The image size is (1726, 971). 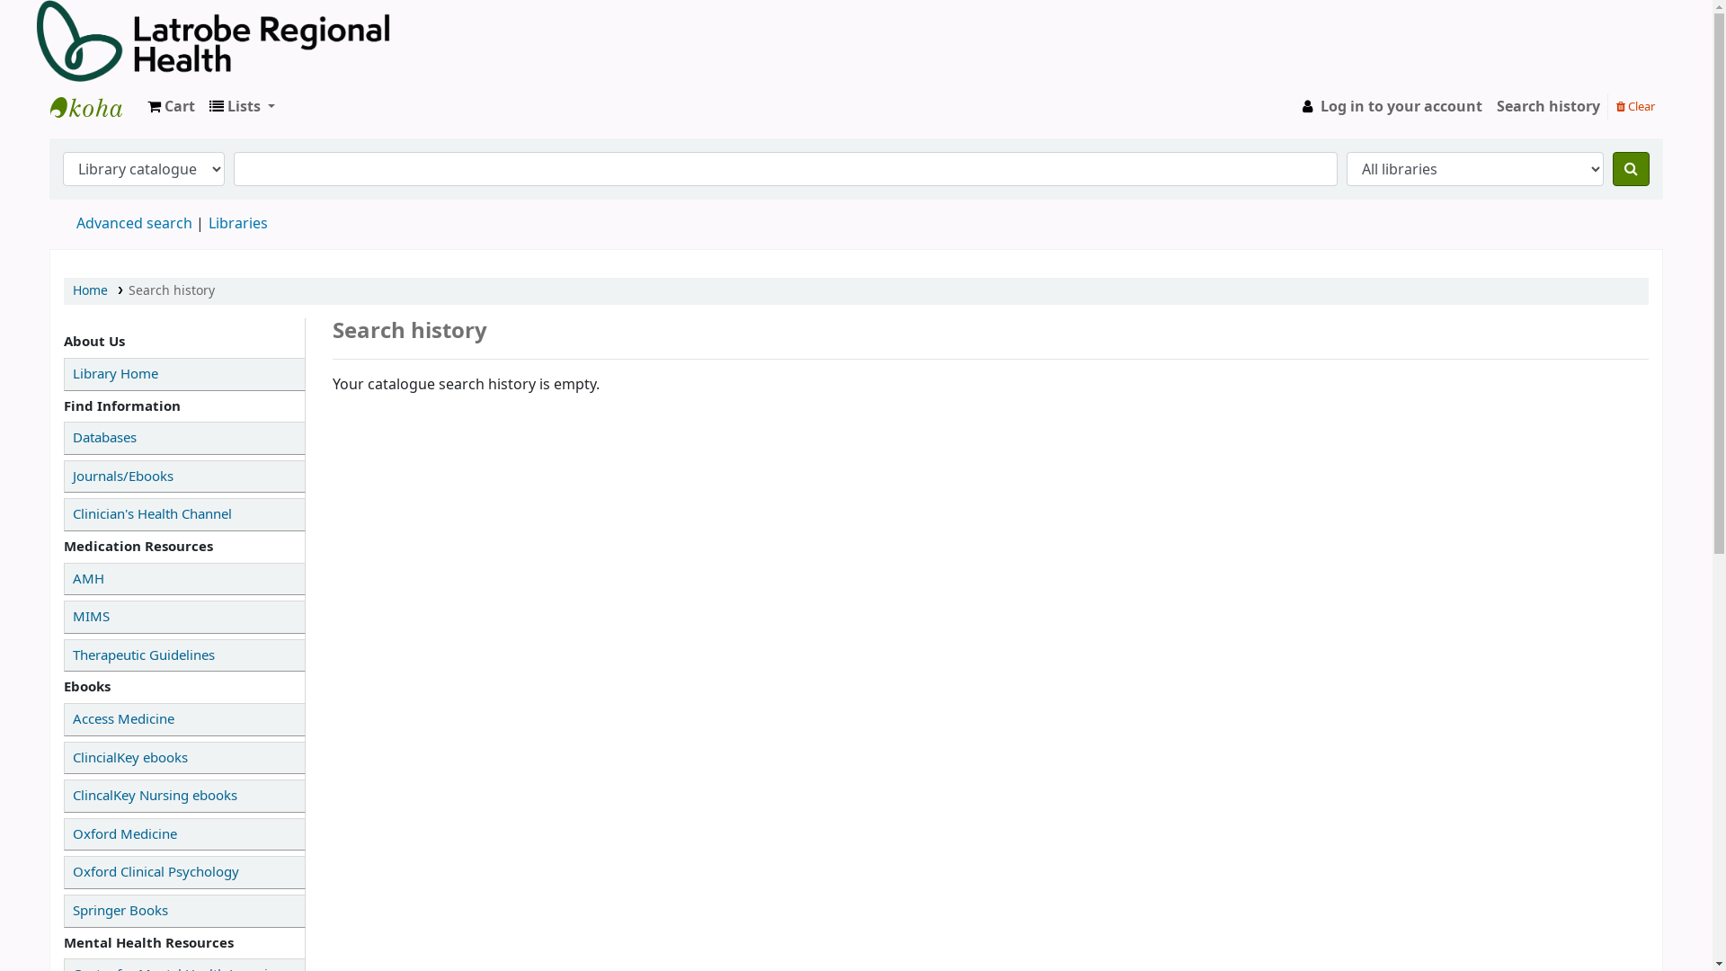 What do you see at coordinates (1547, 107) in the screenshot?
I see `'Search history'` at bounding box center [1547, 107].